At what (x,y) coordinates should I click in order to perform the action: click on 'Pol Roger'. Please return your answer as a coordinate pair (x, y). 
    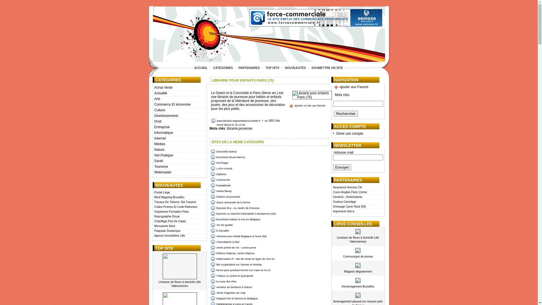
    Looking at the image, I should click on (219, 163).